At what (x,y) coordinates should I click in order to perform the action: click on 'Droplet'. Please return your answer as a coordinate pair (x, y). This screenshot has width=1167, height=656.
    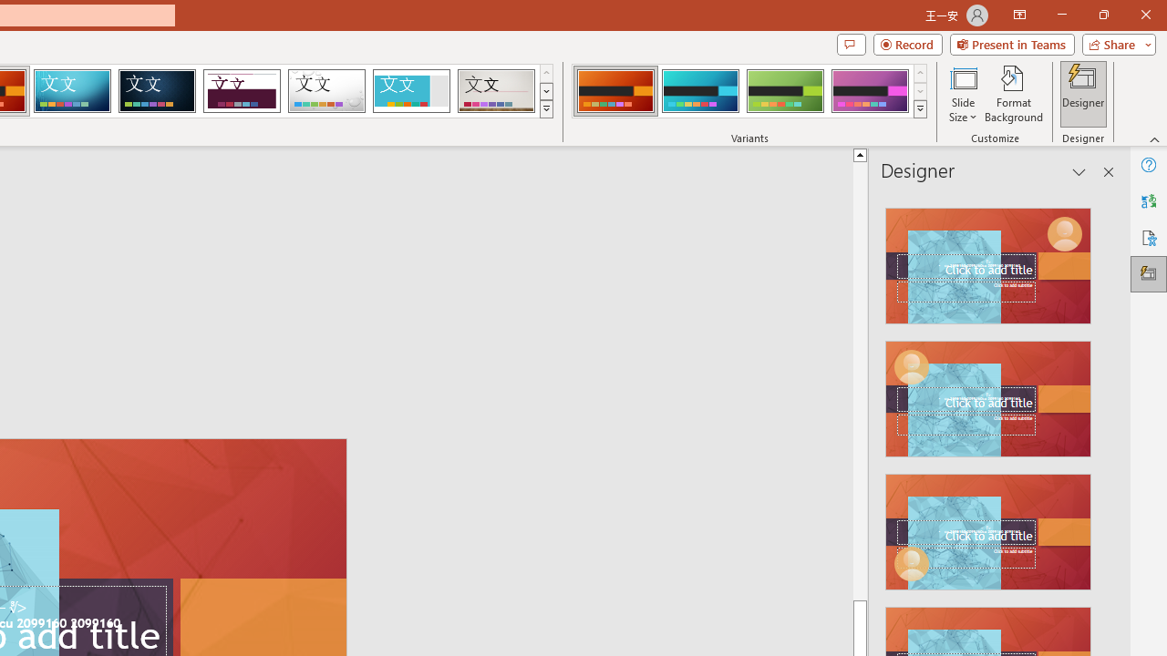
    Looking at the image, I should click on (326, 91).